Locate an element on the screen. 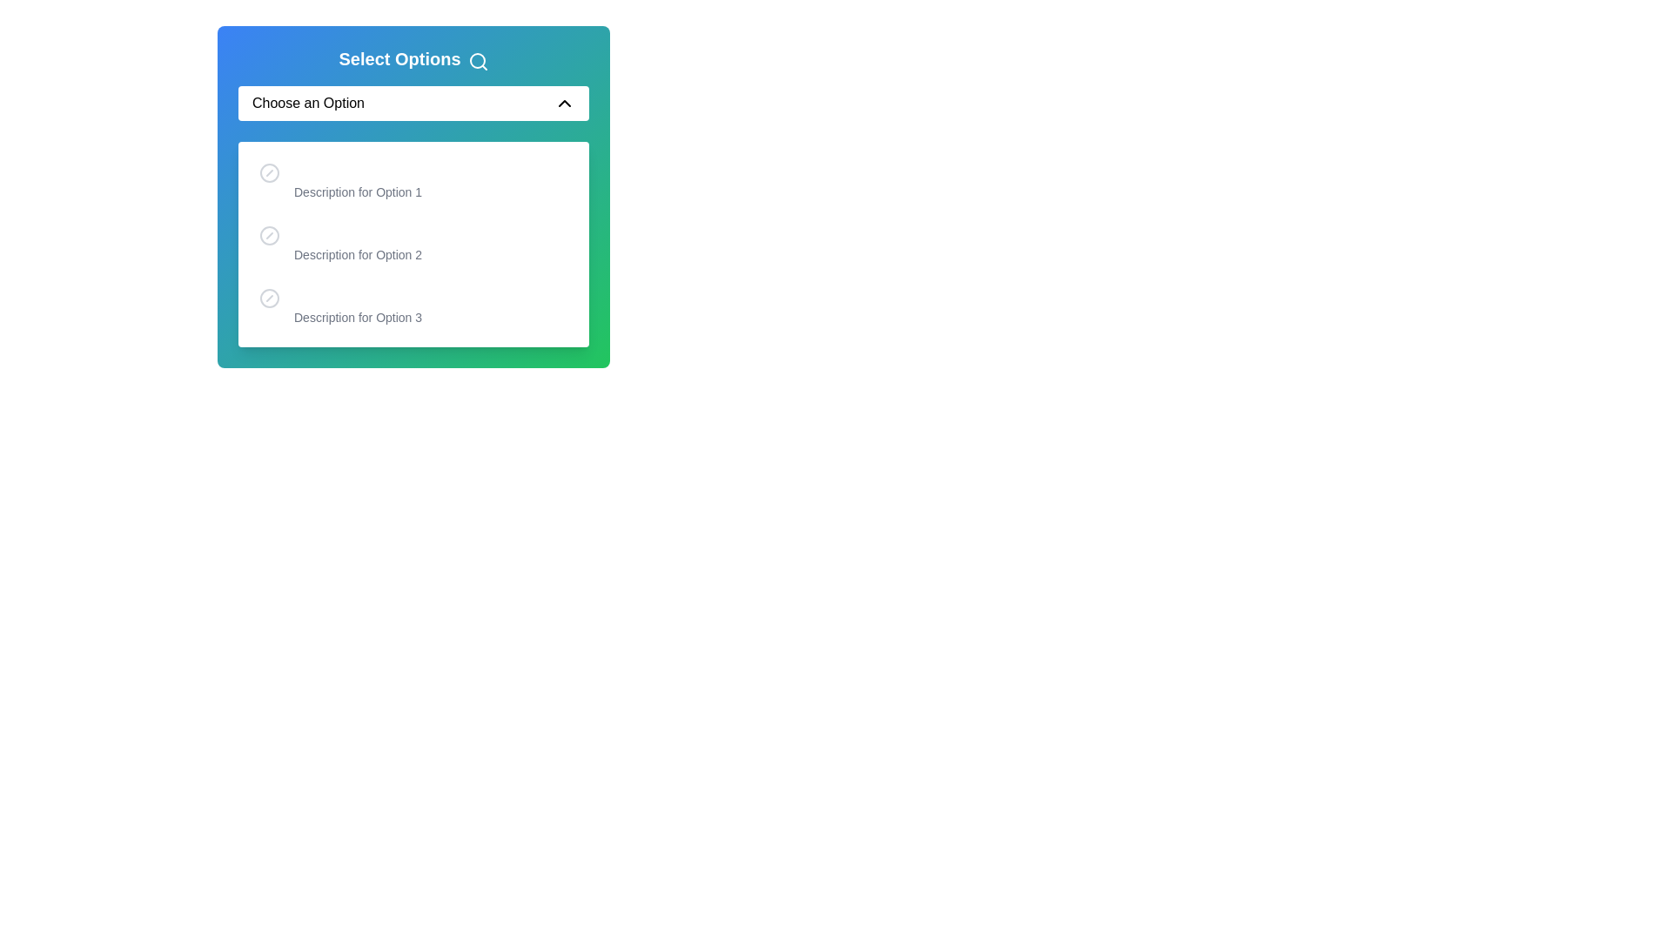  the text label that provides additional information for the selectable option titled 'Option 2', positioned in the center of the dropdown component is located at coordinates (357, 254).